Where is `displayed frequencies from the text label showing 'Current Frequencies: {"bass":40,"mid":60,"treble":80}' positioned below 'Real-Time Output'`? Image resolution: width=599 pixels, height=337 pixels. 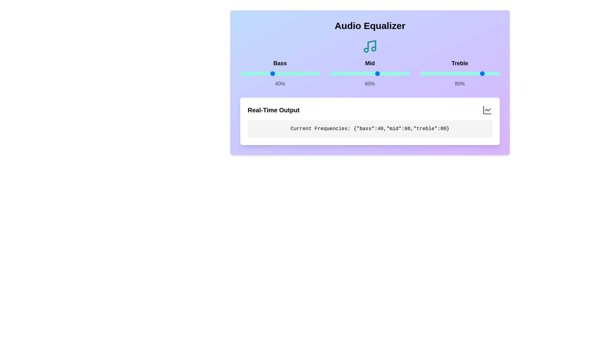
displayed frequencies from the text label showing 'Current Frequencies: {"bass":40,"mid":60,"treble":80}' positioned below 'Real-Time Output' is located at coordinates (370, 128).